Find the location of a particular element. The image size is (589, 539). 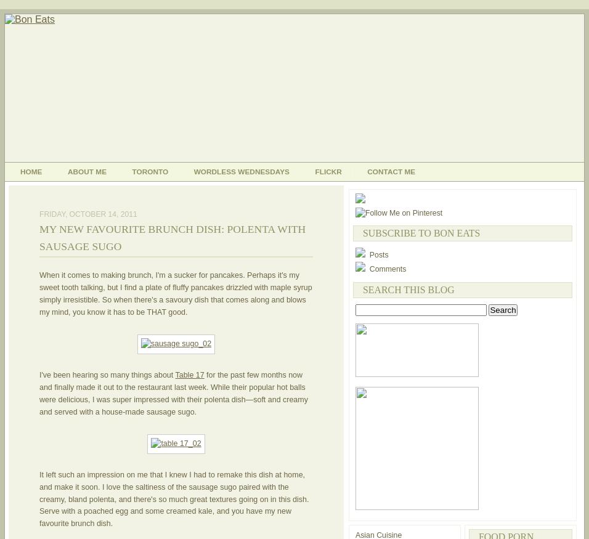

'About Me' is located at coordinates (87, 171).